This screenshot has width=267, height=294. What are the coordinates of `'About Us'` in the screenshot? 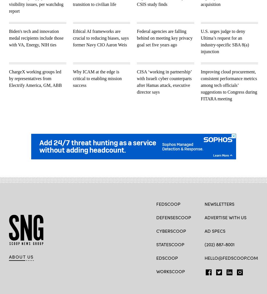 It's located at (21, 256).